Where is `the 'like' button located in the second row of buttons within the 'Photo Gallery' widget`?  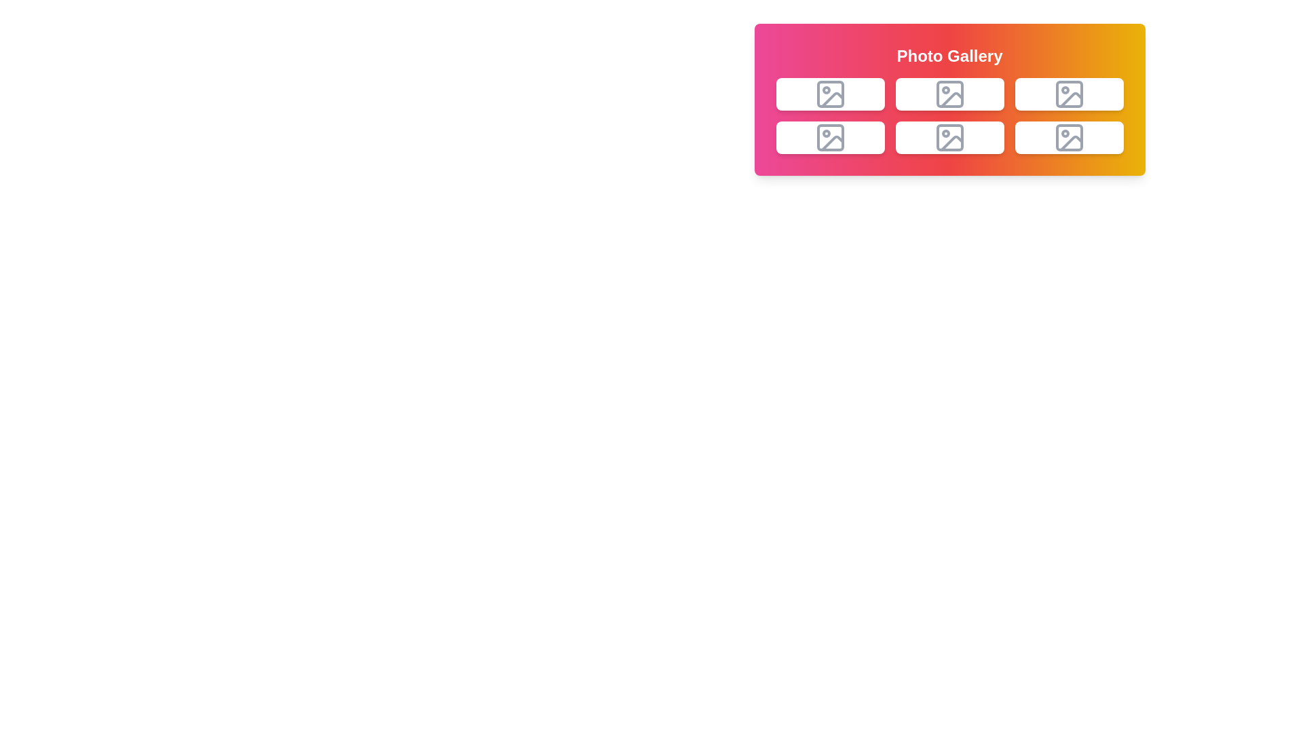
the 'like' button located in the second row of buttons within the 'Photo Gallery' widget is located at coordinates (847, 138).